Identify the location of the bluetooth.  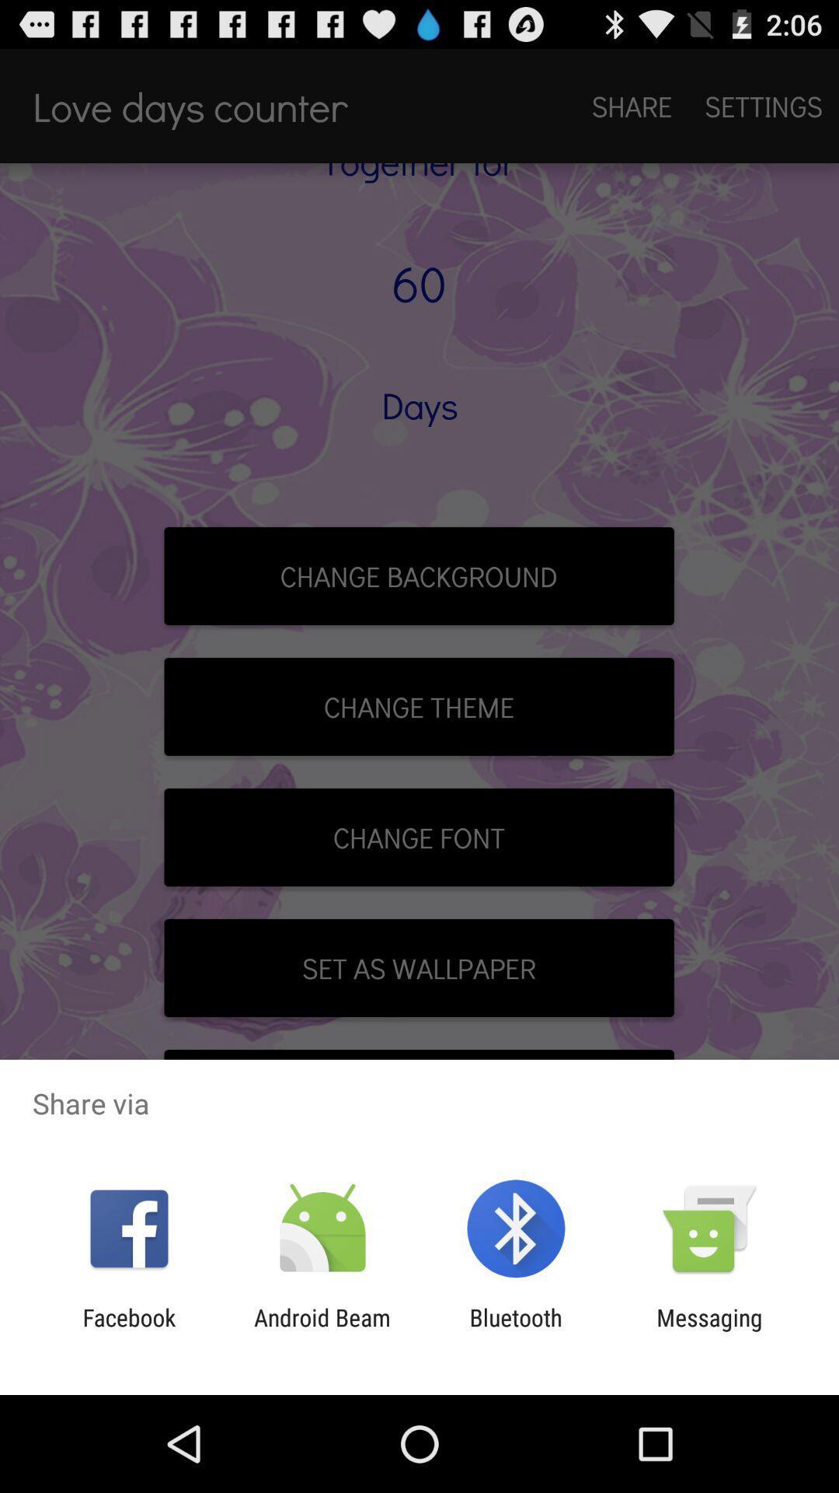
(516, 1330).